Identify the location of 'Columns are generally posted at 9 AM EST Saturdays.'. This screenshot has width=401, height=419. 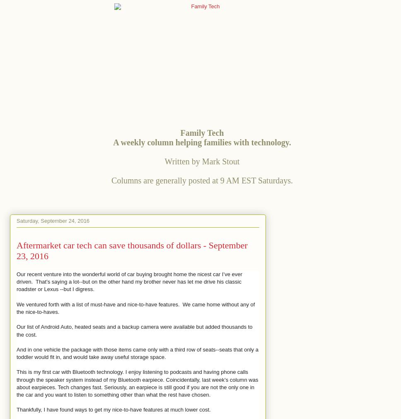
(111, 180).